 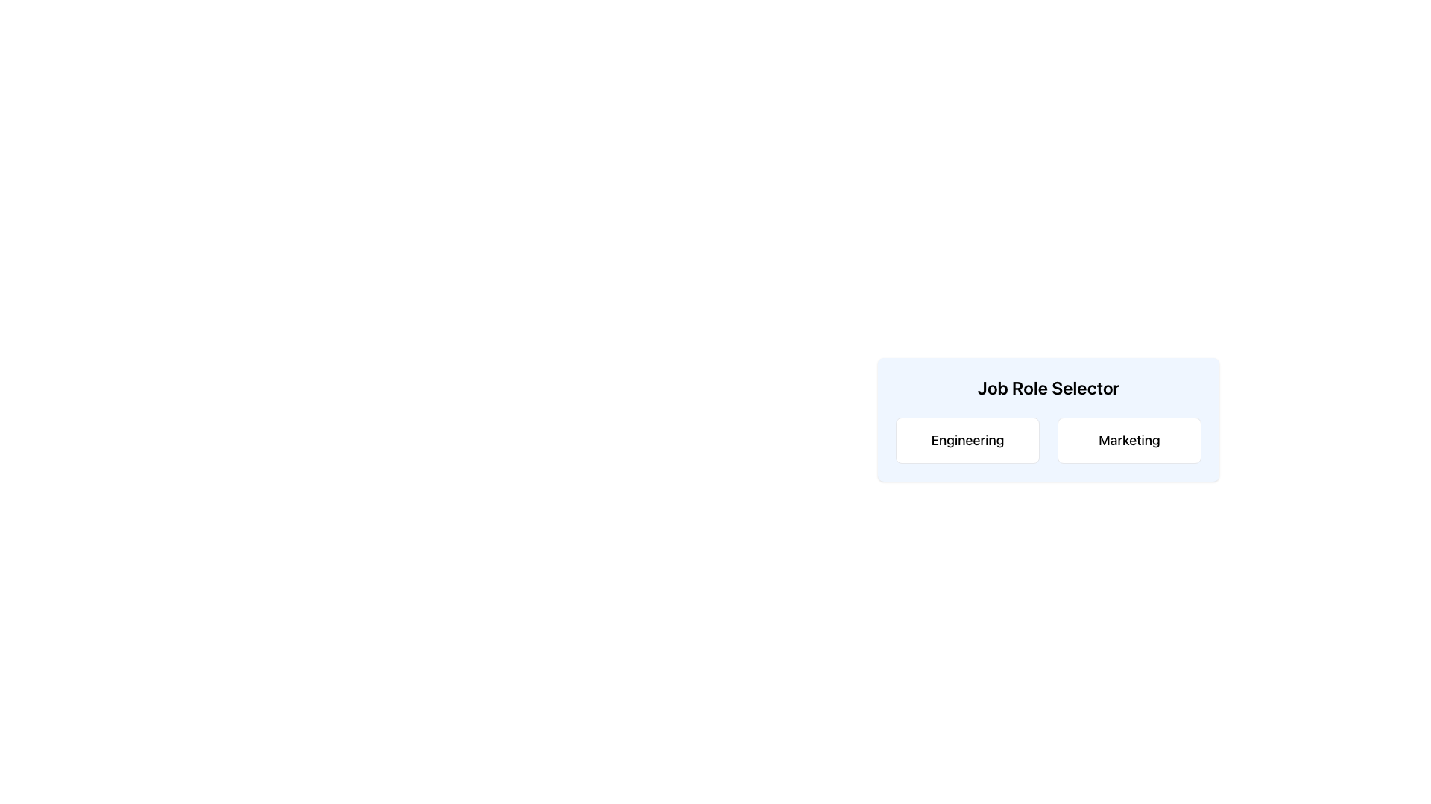 I want to click on the 'Engineering' button, which is a rectangular button with a white background and rounded corners, to trigger its hover state, so click(x=967, y=439).